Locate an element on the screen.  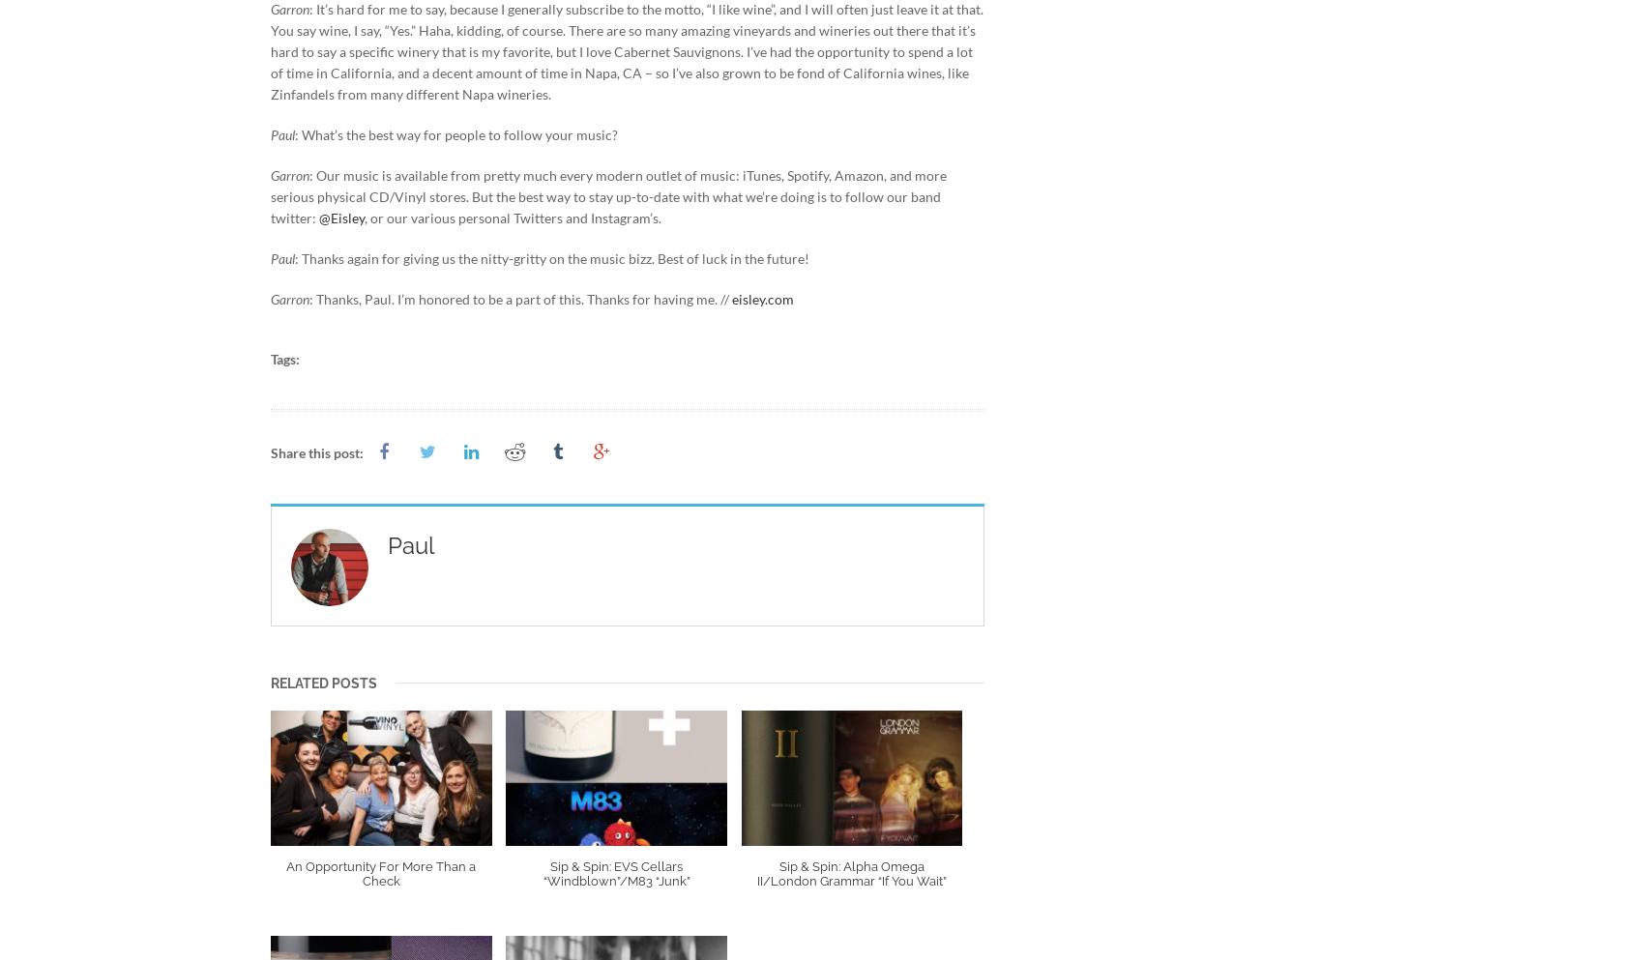
'@Eisley' is located at coordinates (340, 217).